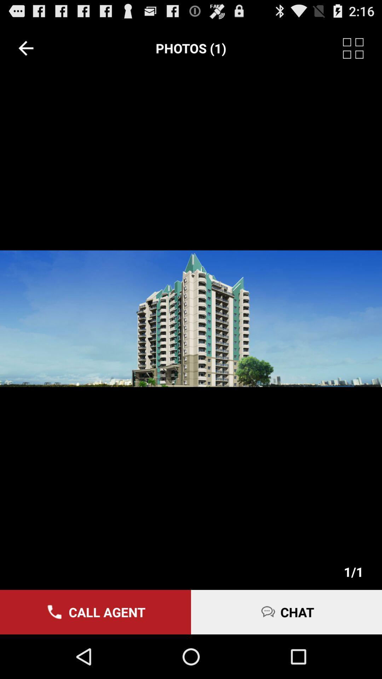  Describe the element at coordinates (362, 48) in the screenshot. I see `grid view option` at that location.